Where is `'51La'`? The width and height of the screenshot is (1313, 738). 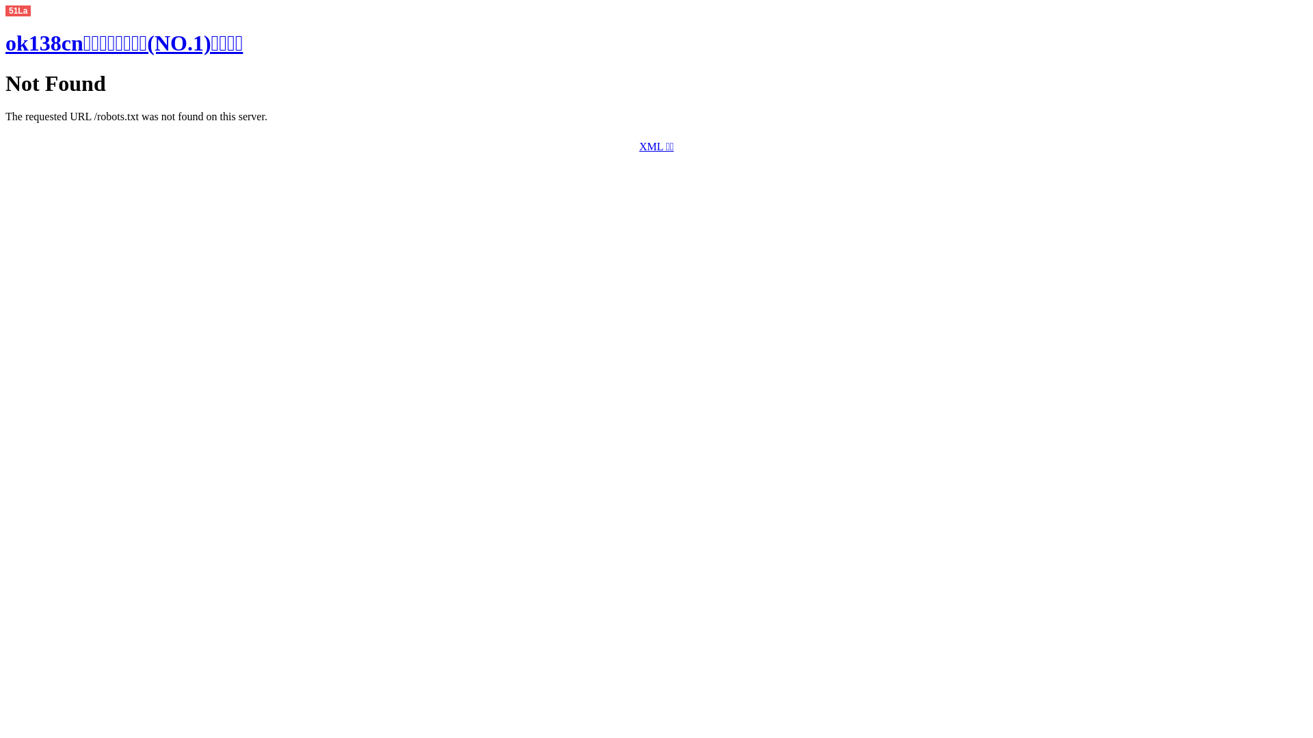 '51La' is located at coordinates (18, 10).